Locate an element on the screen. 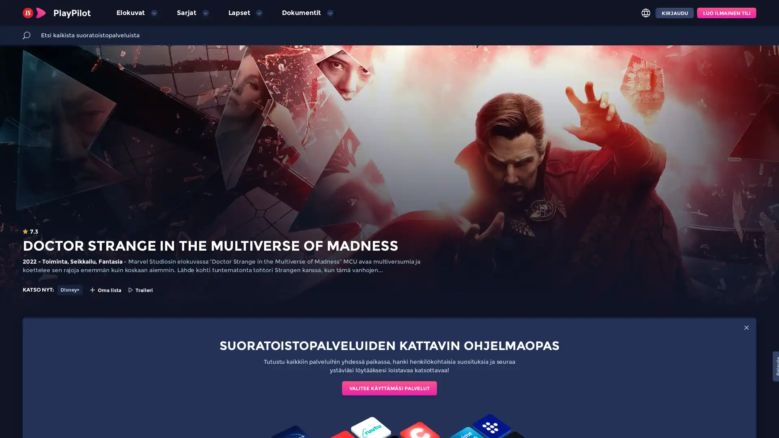 Image resolution: width=779 pixels, height=438 pixels. Close modal is located at coordinates (746, 327).